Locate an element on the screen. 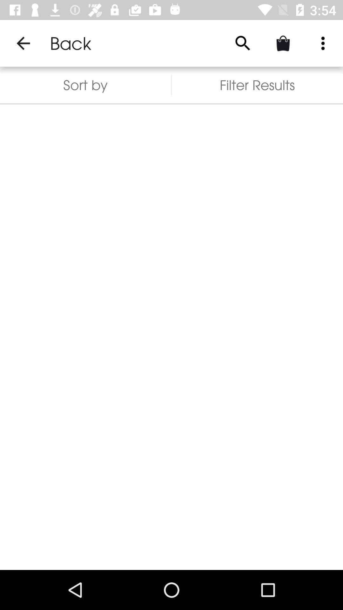 The width and height of the screenshot is (343, 610). the item next to back app is located at coordinates (23, 43).